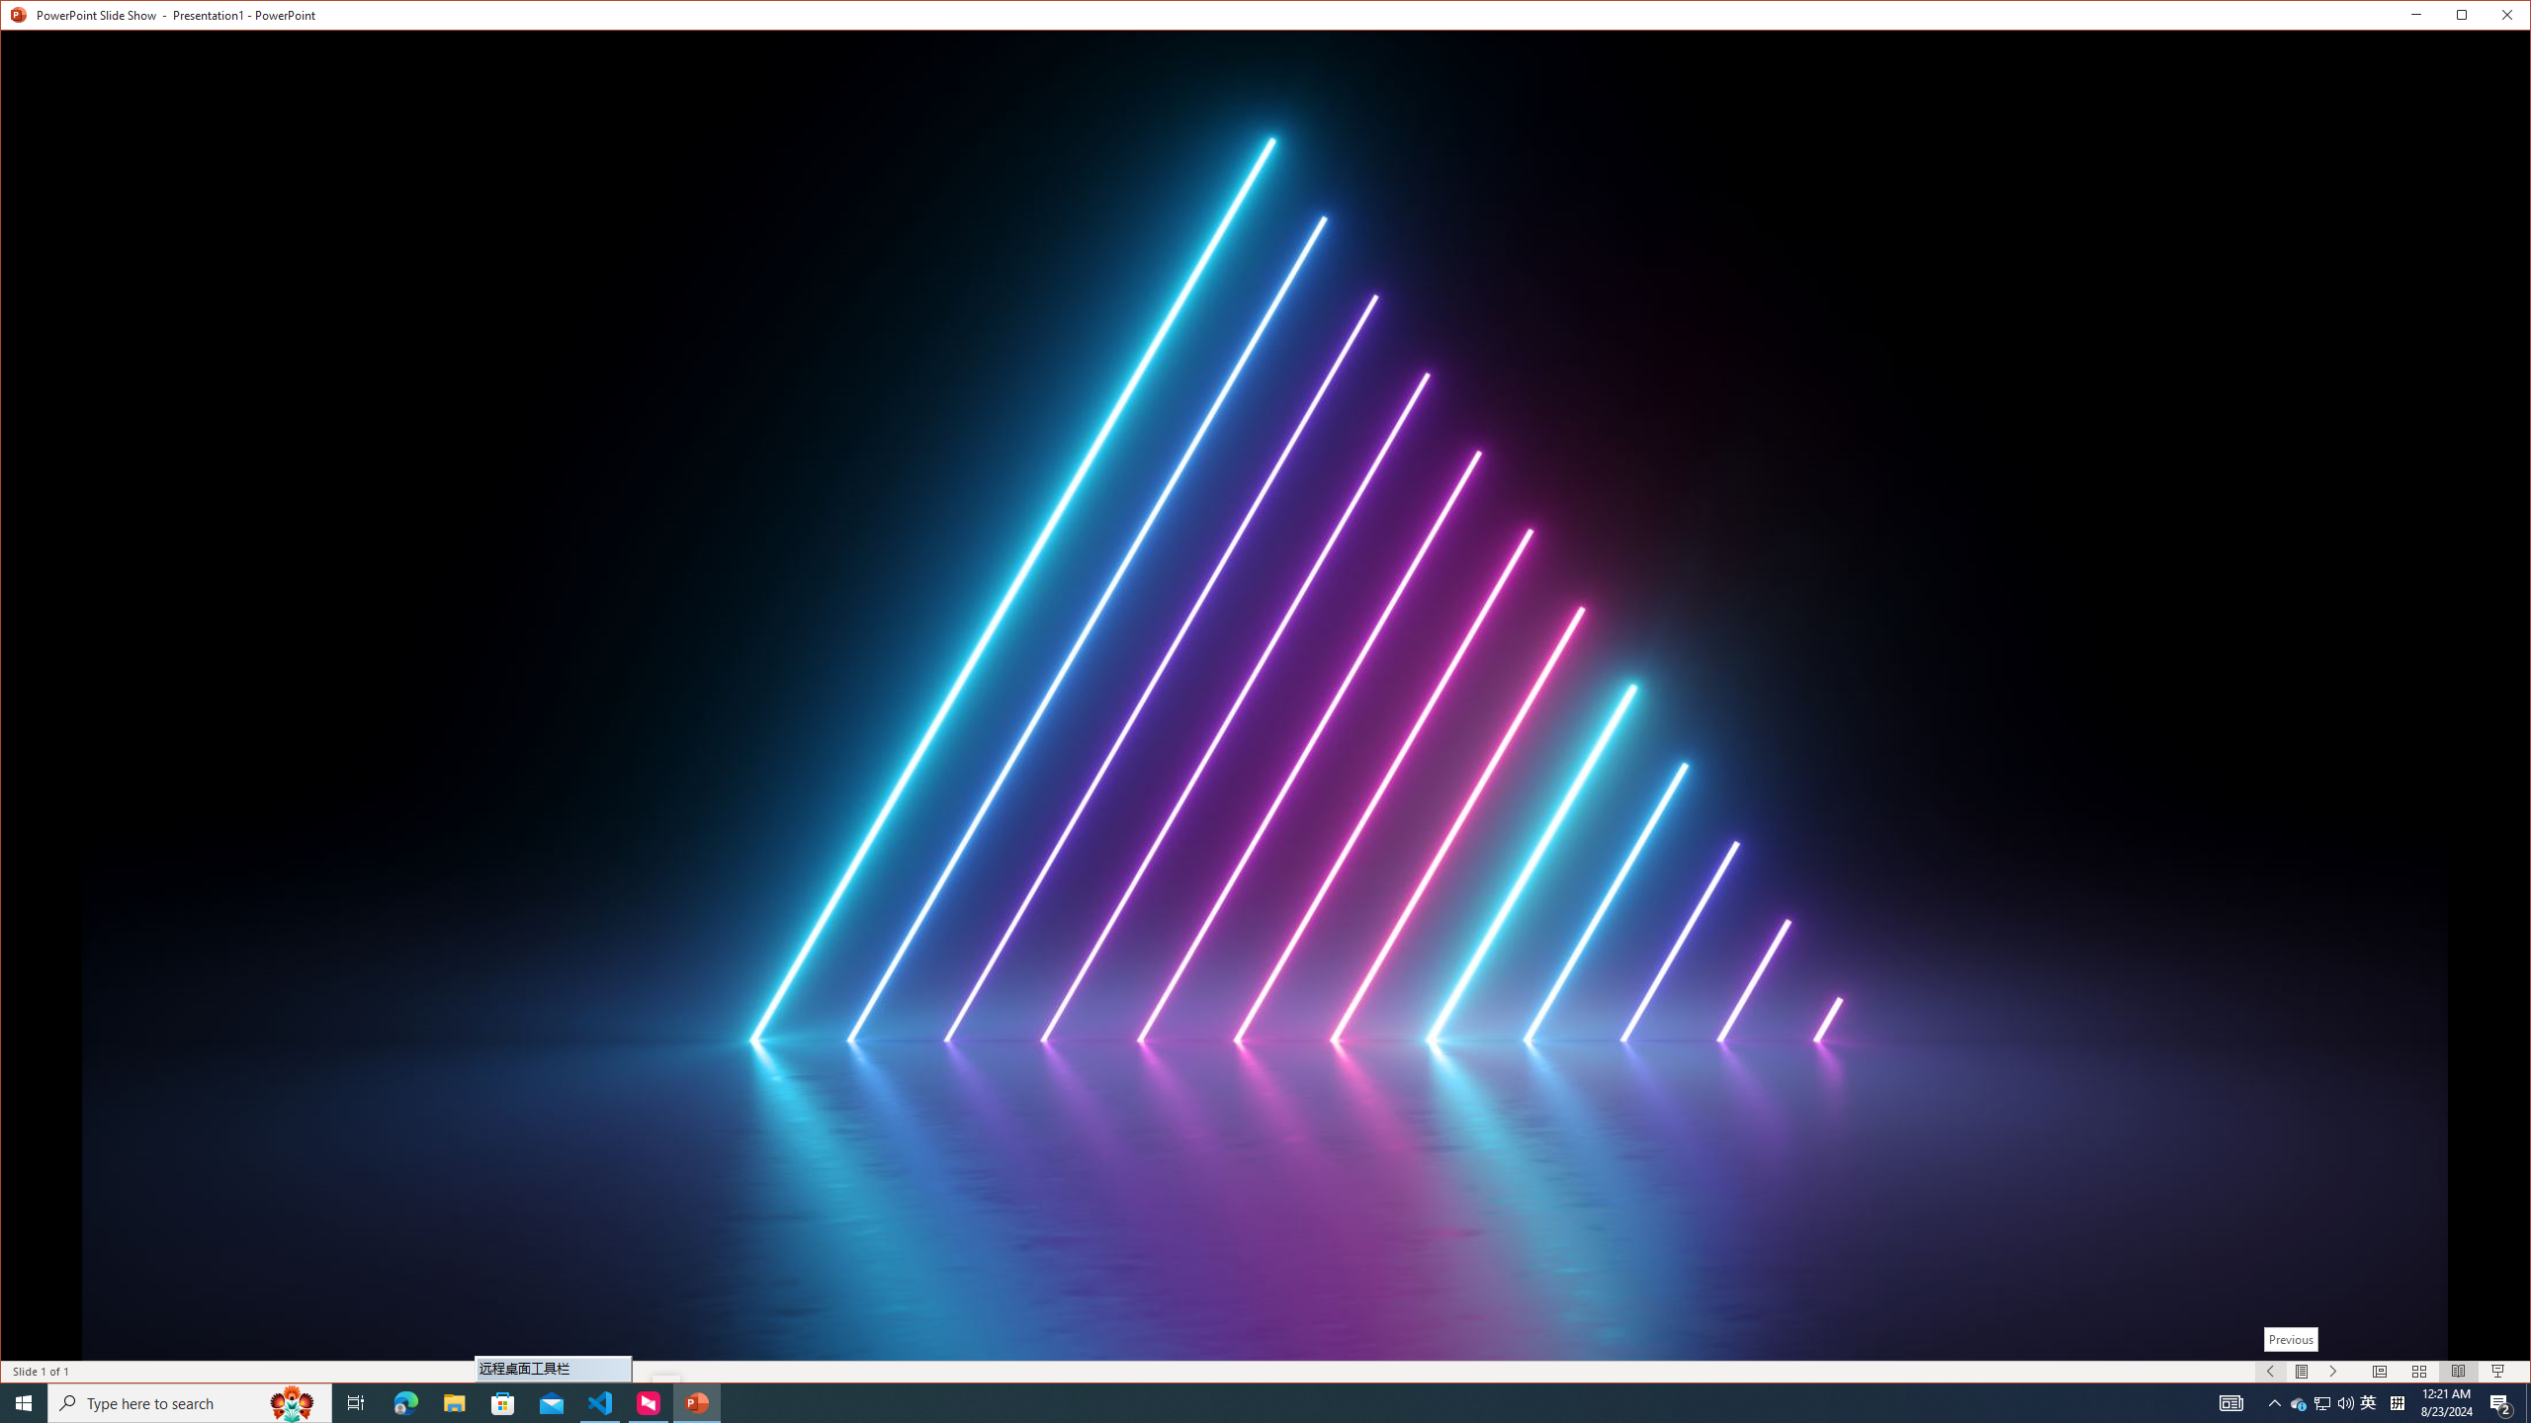  Describe the element at coordinates (2527, 1401) in the screenshot. I see `'Show desktop'` at that location.